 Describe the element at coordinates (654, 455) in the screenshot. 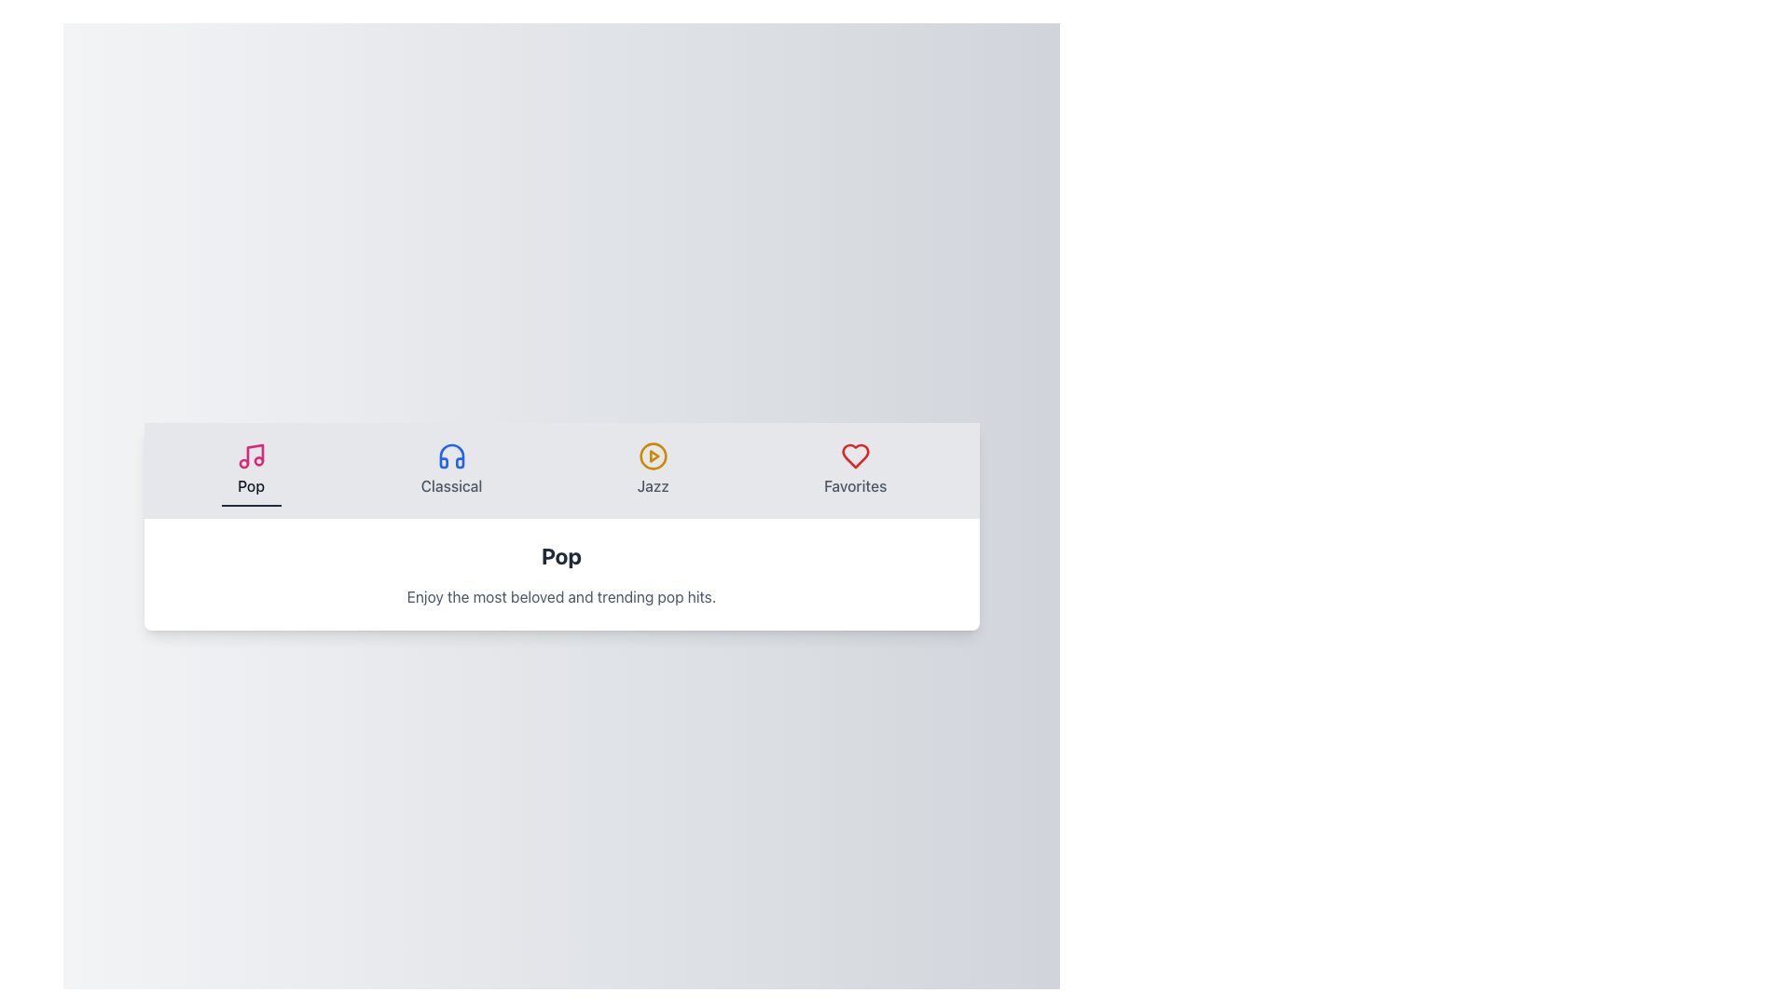

I see `the play button icon in the navigation bar` at that location.